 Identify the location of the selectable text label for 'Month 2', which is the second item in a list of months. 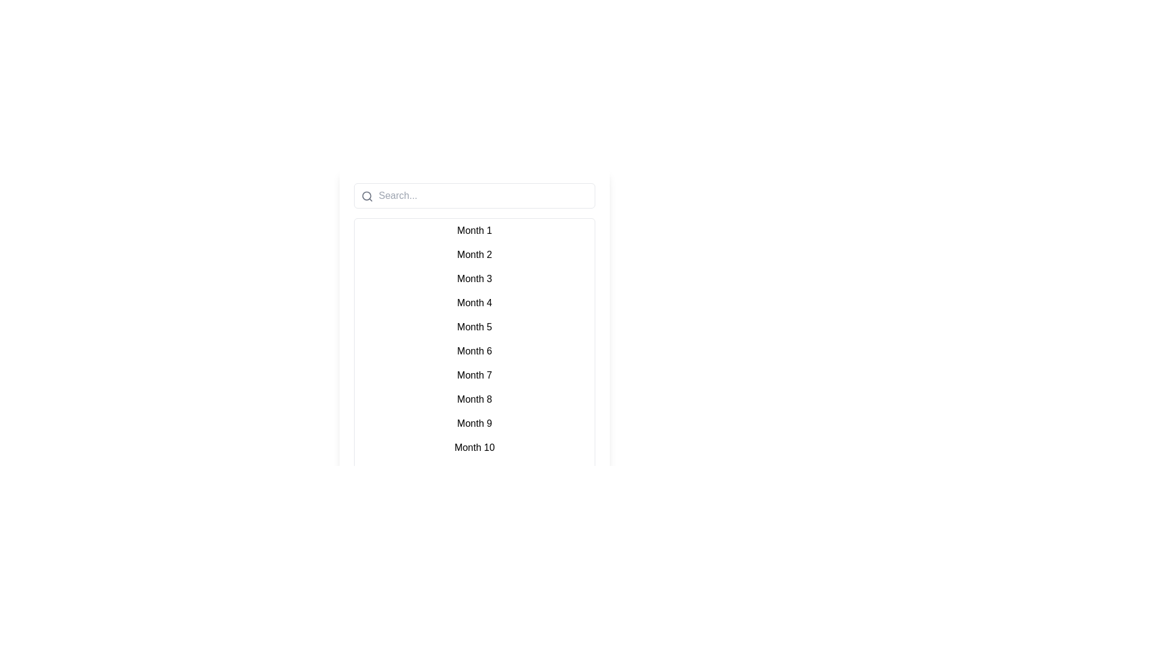
(474, 254).